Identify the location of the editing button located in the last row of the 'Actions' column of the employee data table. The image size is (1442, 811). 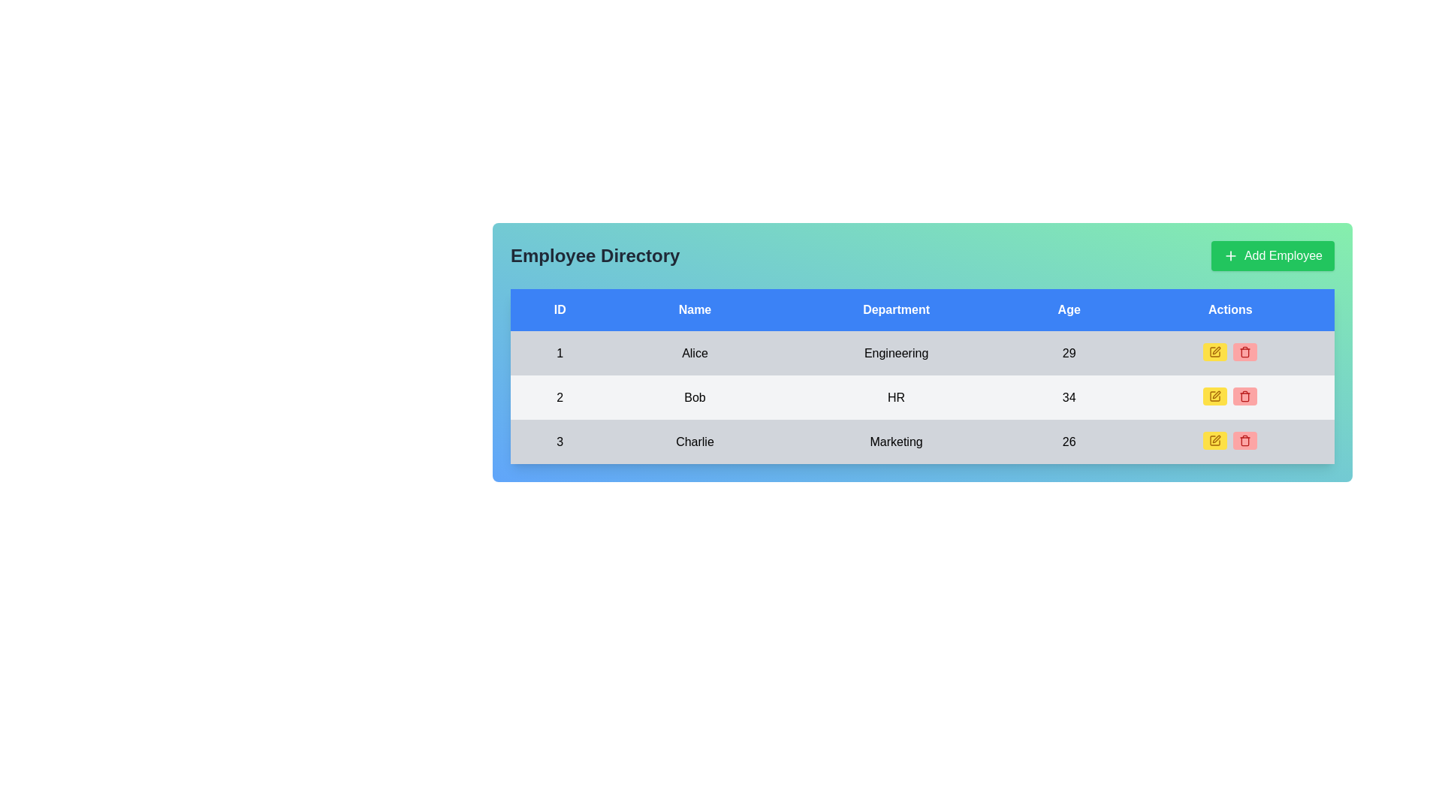
(1215, 439).